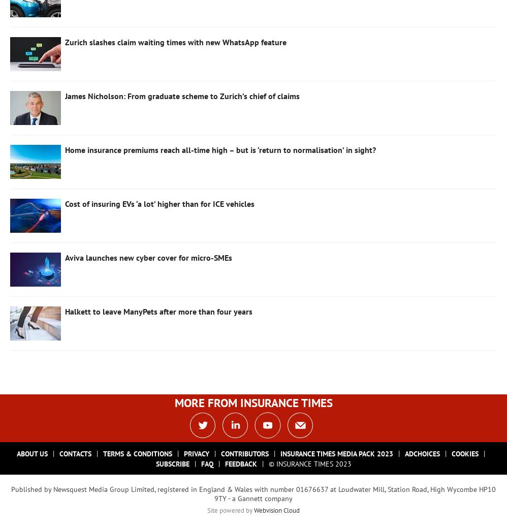  What do you see at coordinates (309, 463) in the screenshot?
I see `'© Insurance Times 2023'` at bounding box center [309, 463].